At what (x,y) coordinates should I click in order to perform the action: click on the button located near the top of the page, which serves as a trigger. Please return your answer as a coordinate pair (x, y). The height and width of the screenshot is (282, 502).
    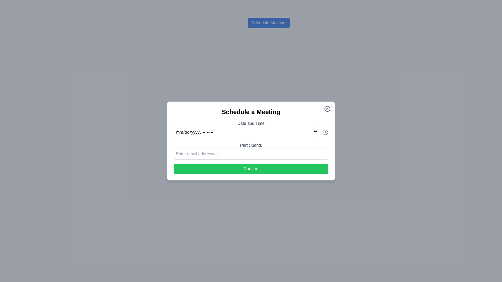
    Looking at the image, I should click on (269, 23).